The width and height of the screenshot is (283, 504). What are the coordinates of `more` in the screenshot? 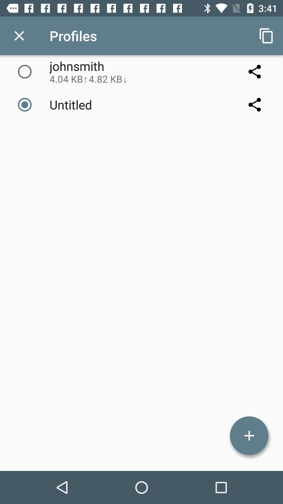 It's located at (249, 435).